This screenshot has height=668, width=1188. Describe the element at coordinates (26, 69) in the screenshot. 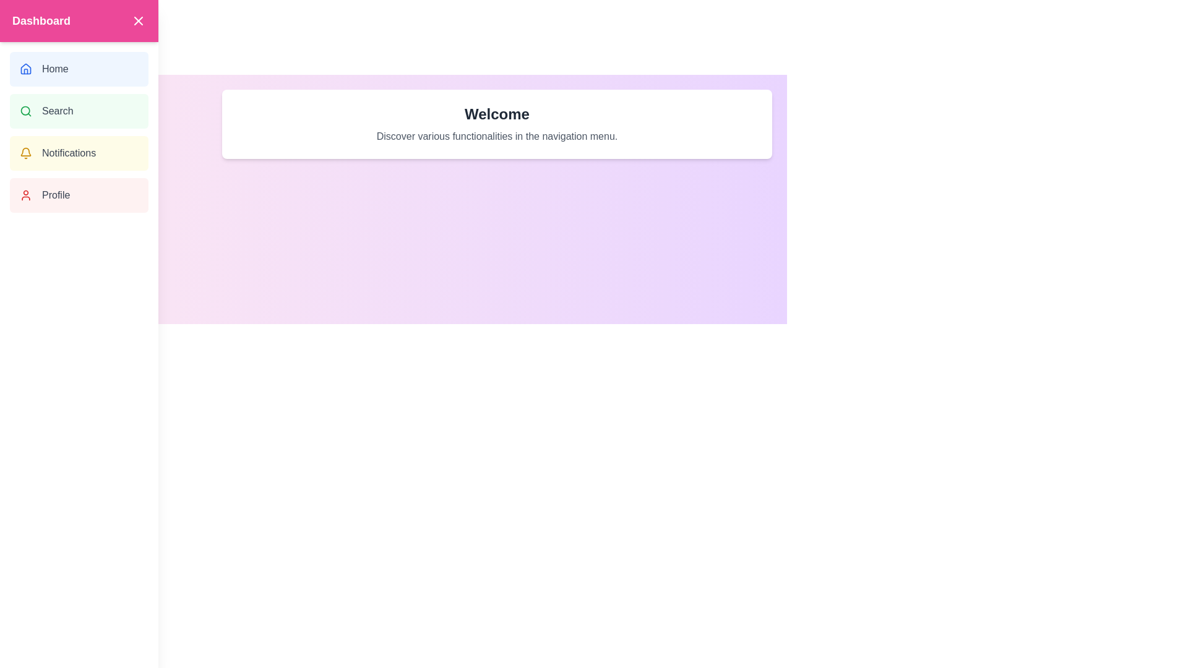

I see `the 'Home' SVG icon located within the Home button on the vertical navigation sidebar to associate it with the 'Home' label functionality` at that location.